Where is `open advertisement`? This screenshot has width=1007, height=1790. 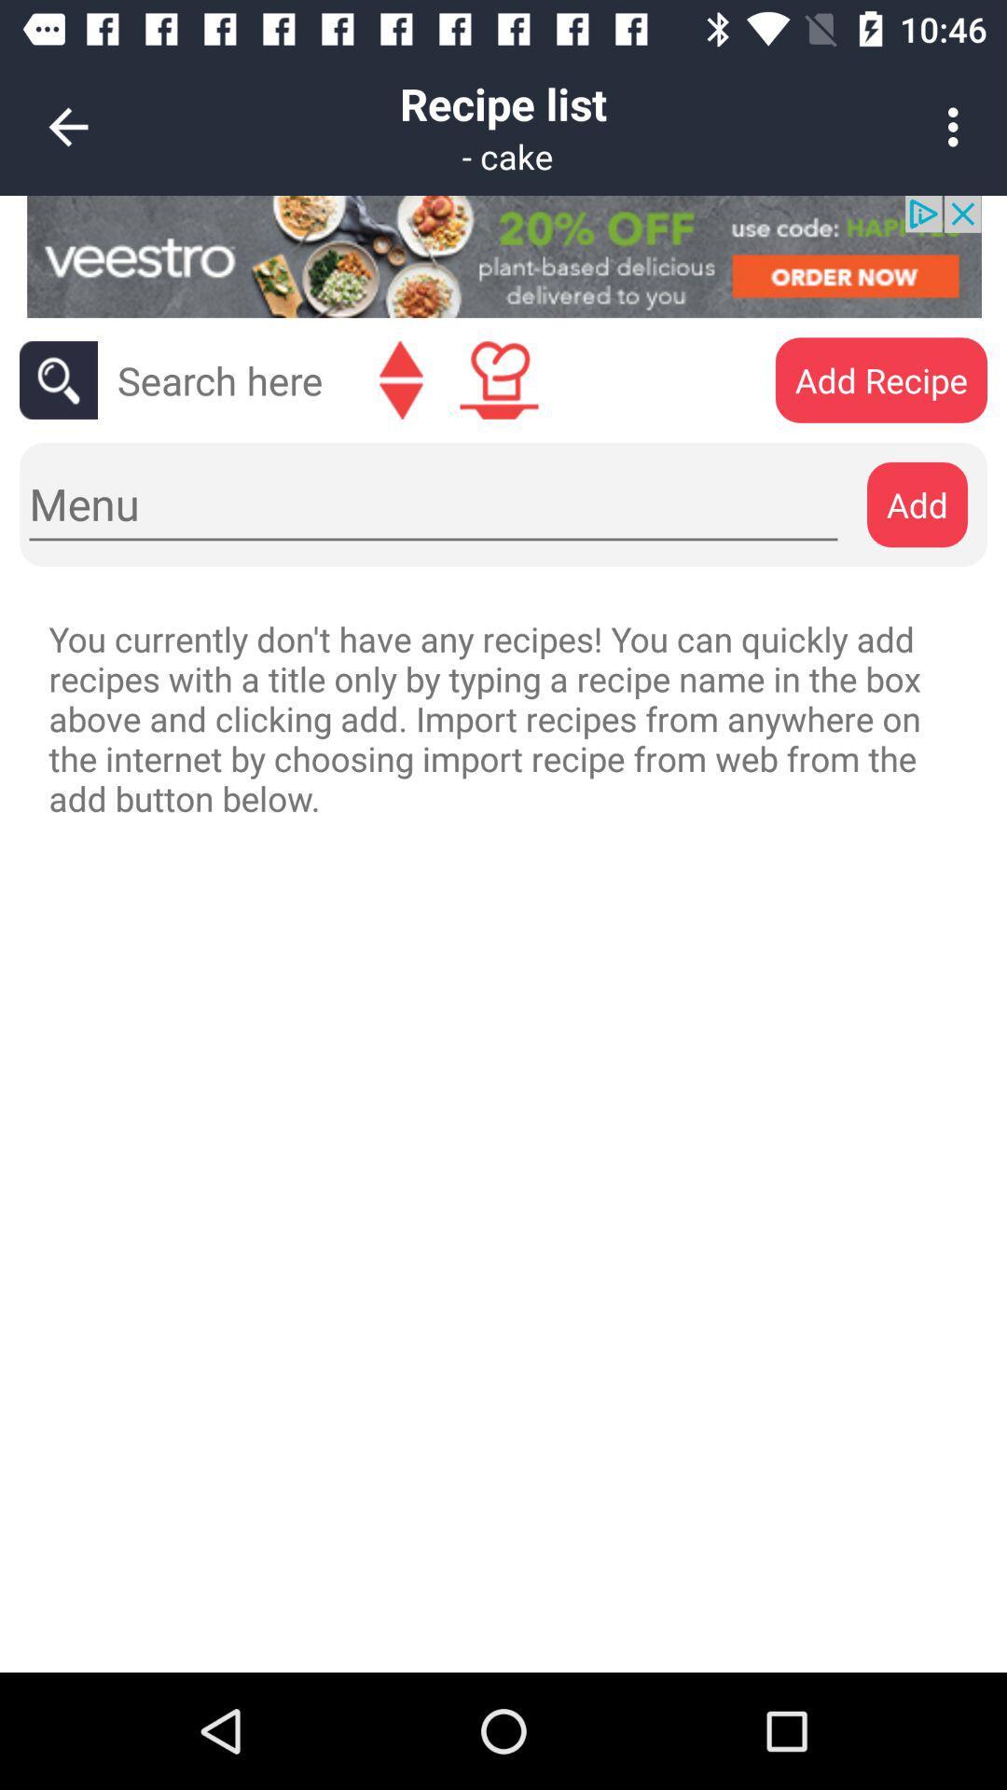 open advertisement is located at coordinates (504, 255).